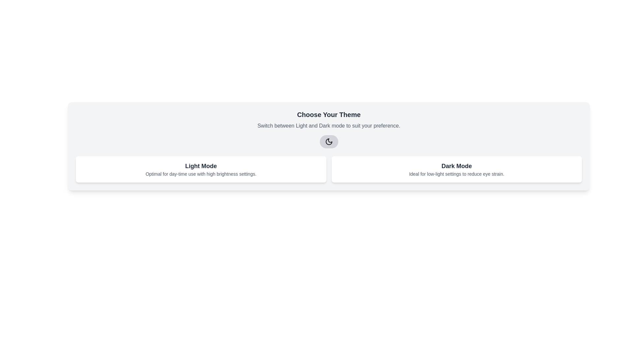 The height and width of the screenshot is (356, 633). Describe the element at coordinates (456, 174) in the screenshot. I see `the second line of text within the 'Dark Mode' card that provides information about the benefits of the Dark Mode feature` at that location.